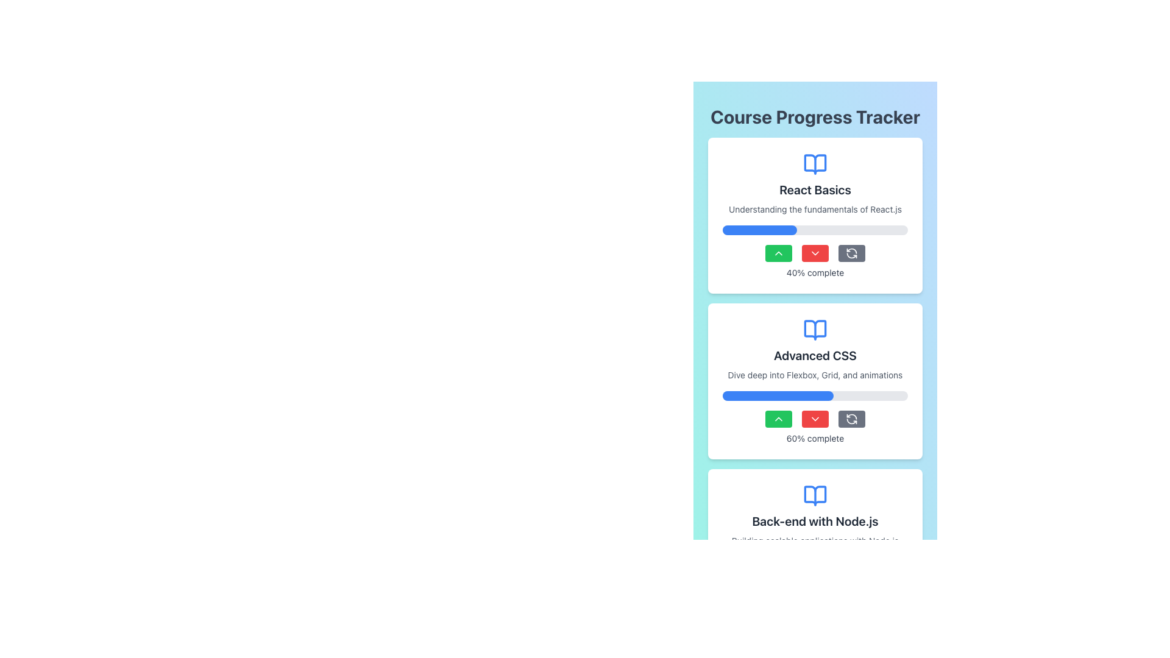 Image resolution: width=1170 pixels, height=658 pixels. I want to click on the gray button with a refresh icon located to the rightmost side of the row under 'Advanced CSS' to reset, so click(851, 418).